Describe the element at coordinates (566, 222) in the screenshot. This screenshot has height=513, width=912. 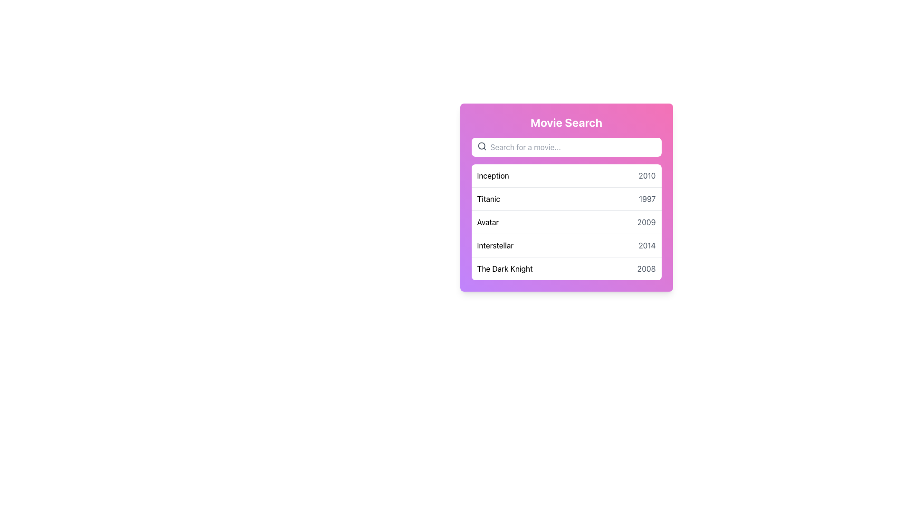
I see `the grouped list item element containing movie titles and their release years` at that location.